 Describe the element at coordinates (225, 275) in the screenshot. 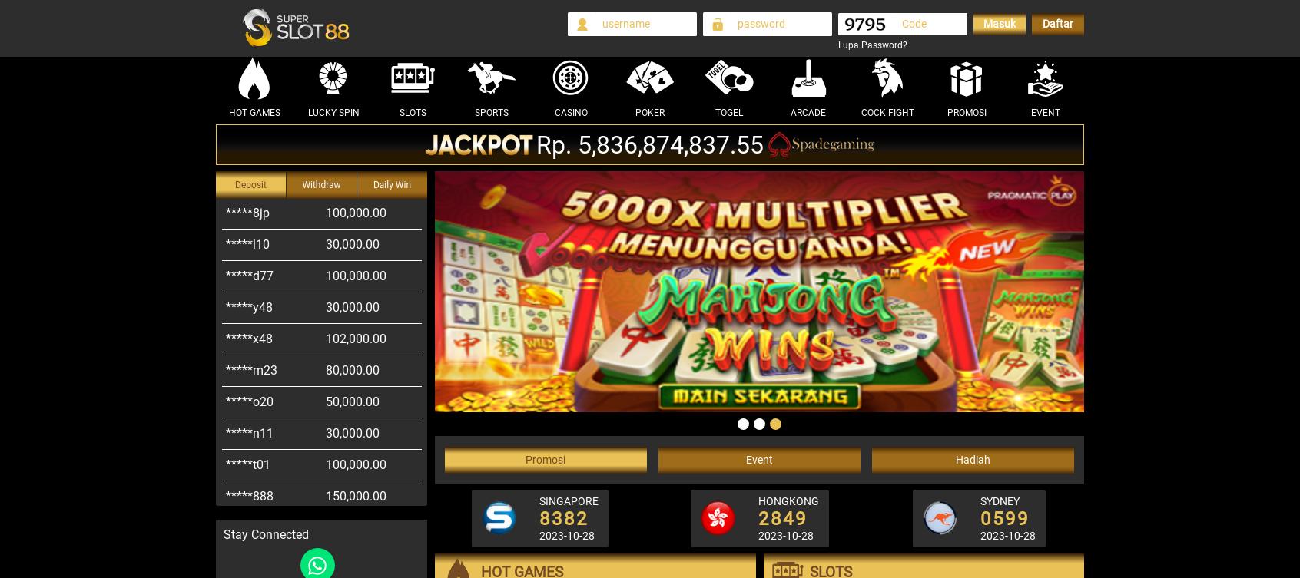

I see `'*****y48'` at that location.